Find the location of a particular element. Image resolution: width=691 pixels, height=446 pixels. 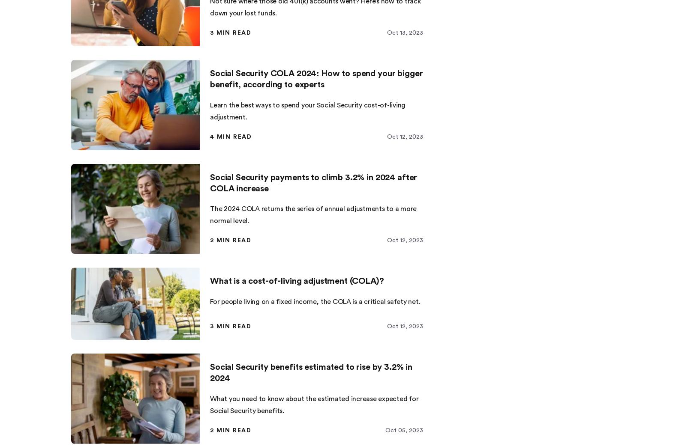

'Social Security COLA 2024: How to spend your bigger benefit, according to experts' is located at coordinates (316, 78).